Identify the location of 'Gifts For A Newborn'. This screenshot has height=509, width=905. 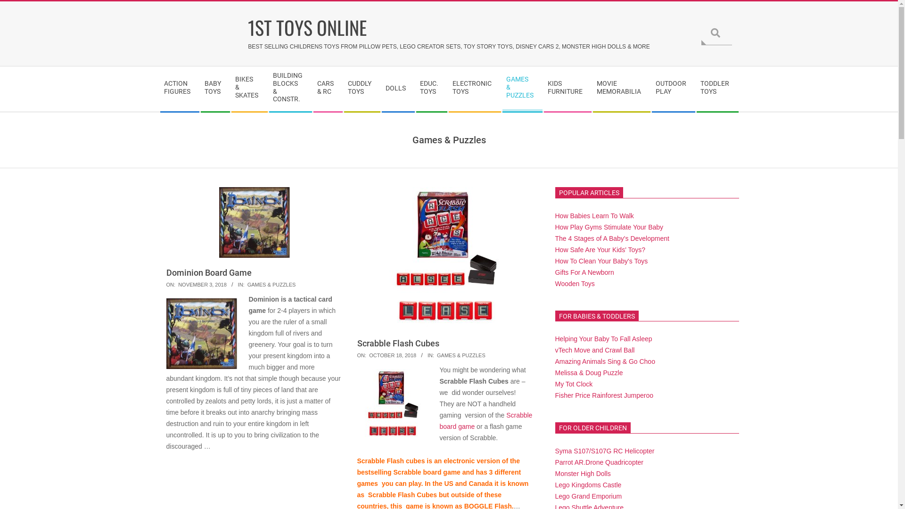
(584, 272).